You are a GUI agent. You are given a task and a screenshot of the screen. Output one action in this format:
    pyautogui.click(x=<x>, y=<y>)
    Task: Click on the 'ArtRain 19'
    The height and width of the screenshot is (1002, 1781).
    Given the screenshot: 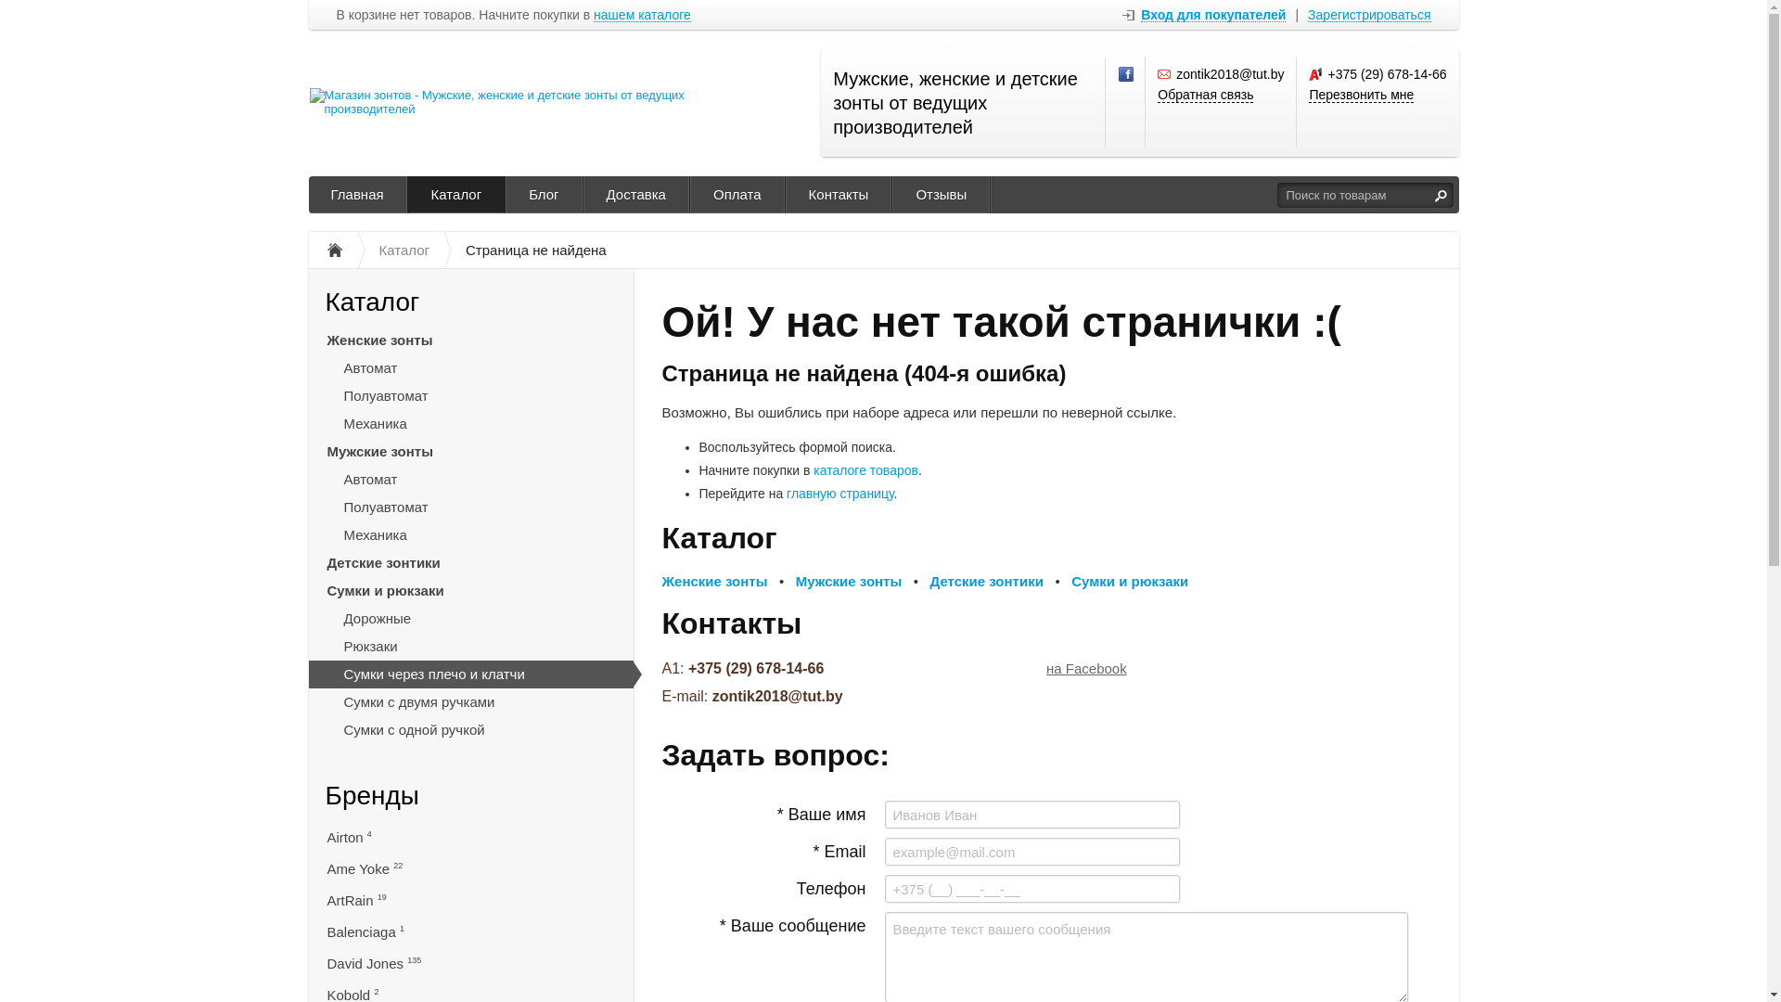 What is the action you would take?
    pyautogui.click(x=470, y=897)
    